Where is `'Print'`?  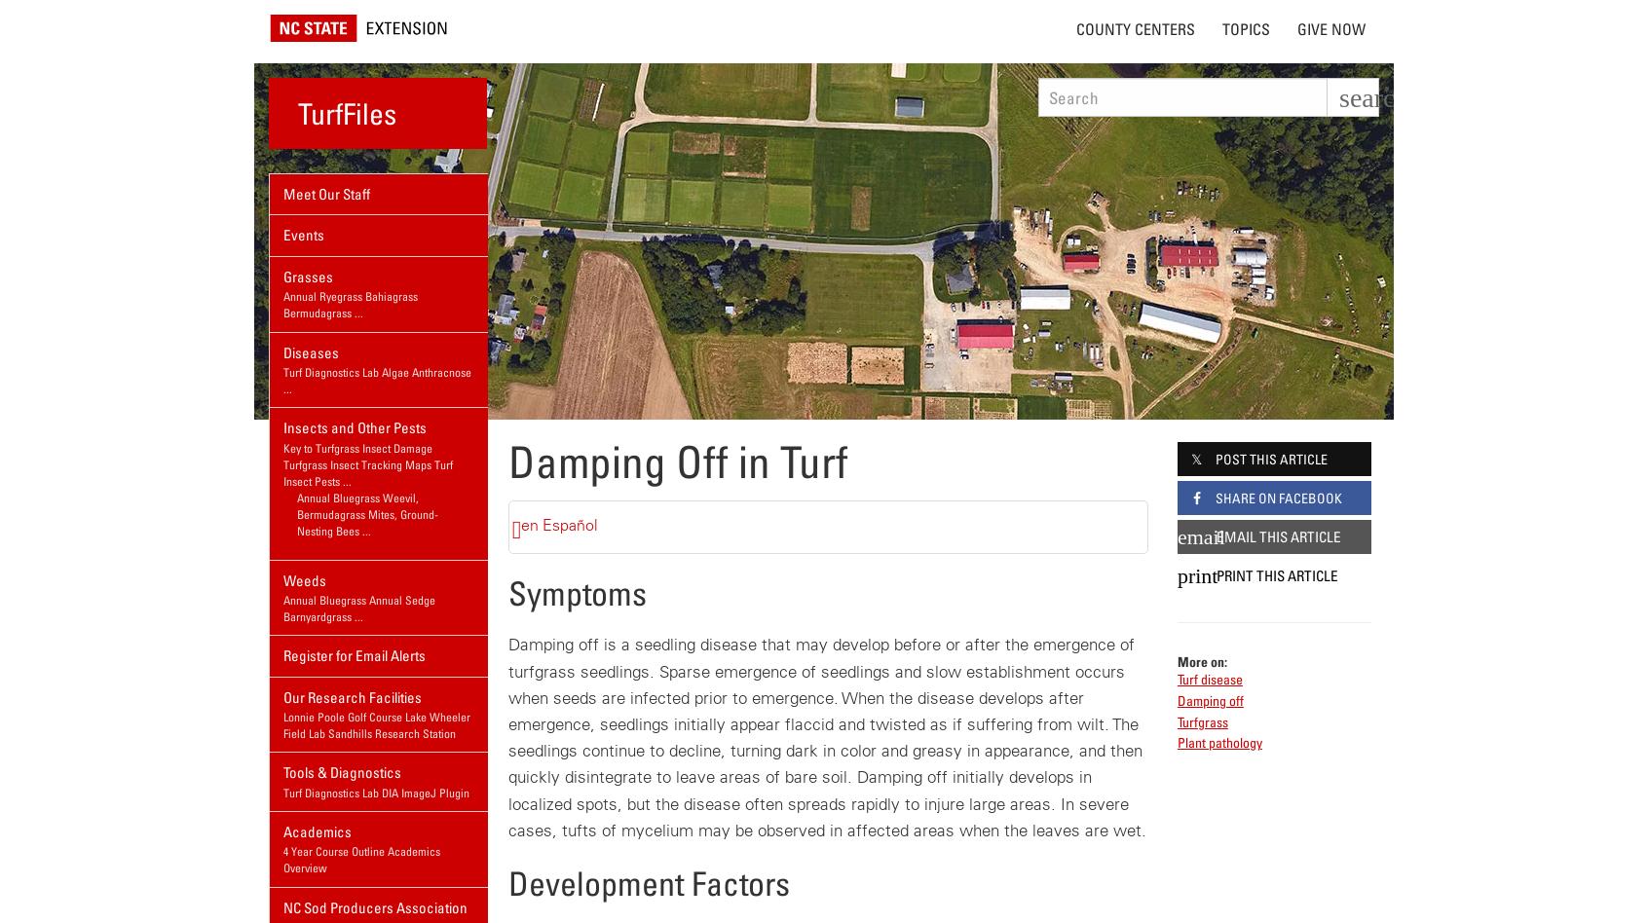
'Print' is located at coordinates (1235, 574).